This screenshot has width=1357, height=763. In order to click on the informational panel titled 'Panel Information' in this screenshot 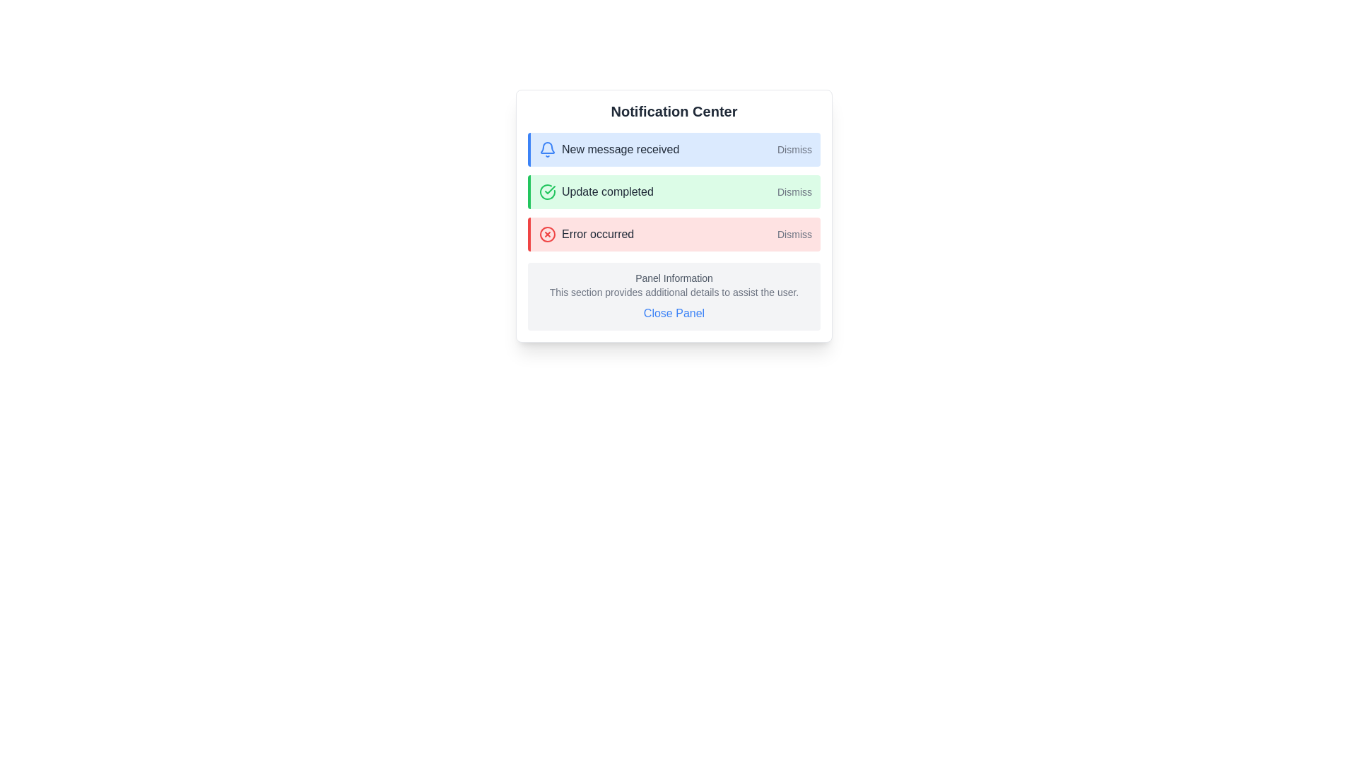, I will do `click(674, 296)`.